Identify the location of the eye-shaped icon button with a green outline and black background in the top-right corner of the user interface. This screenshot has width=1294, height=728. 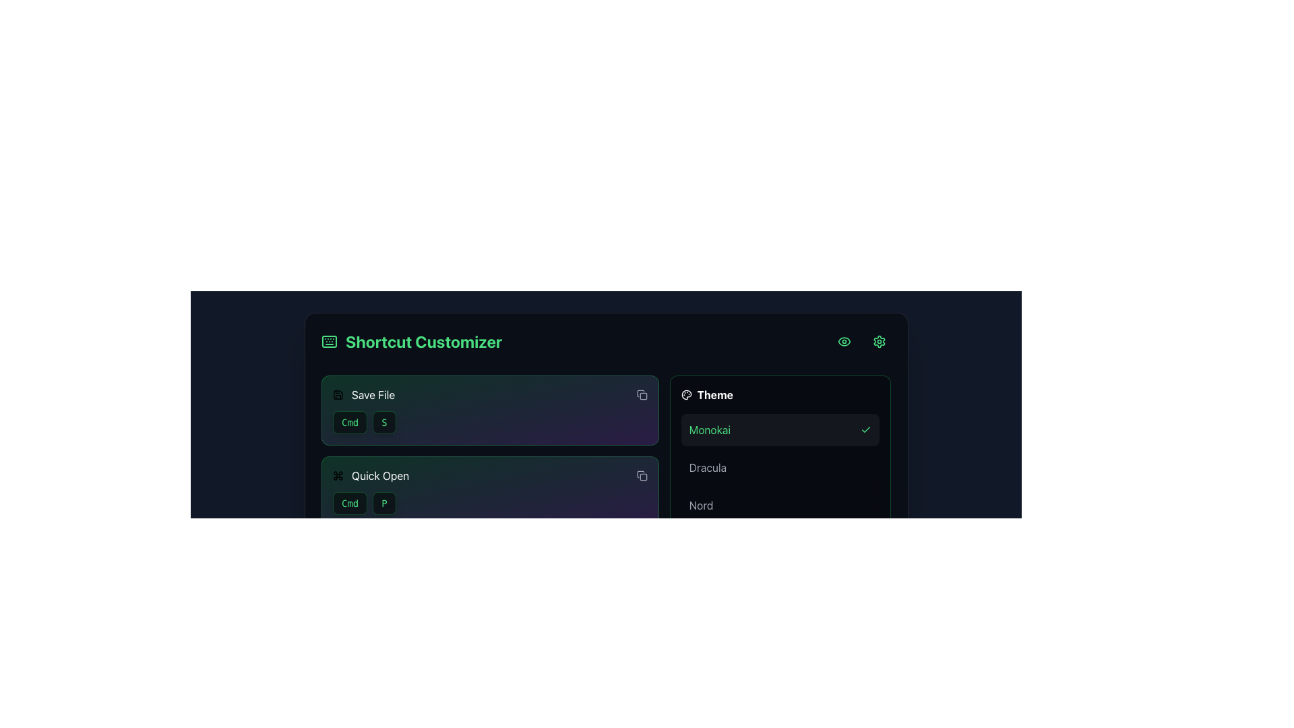
(843, 340).